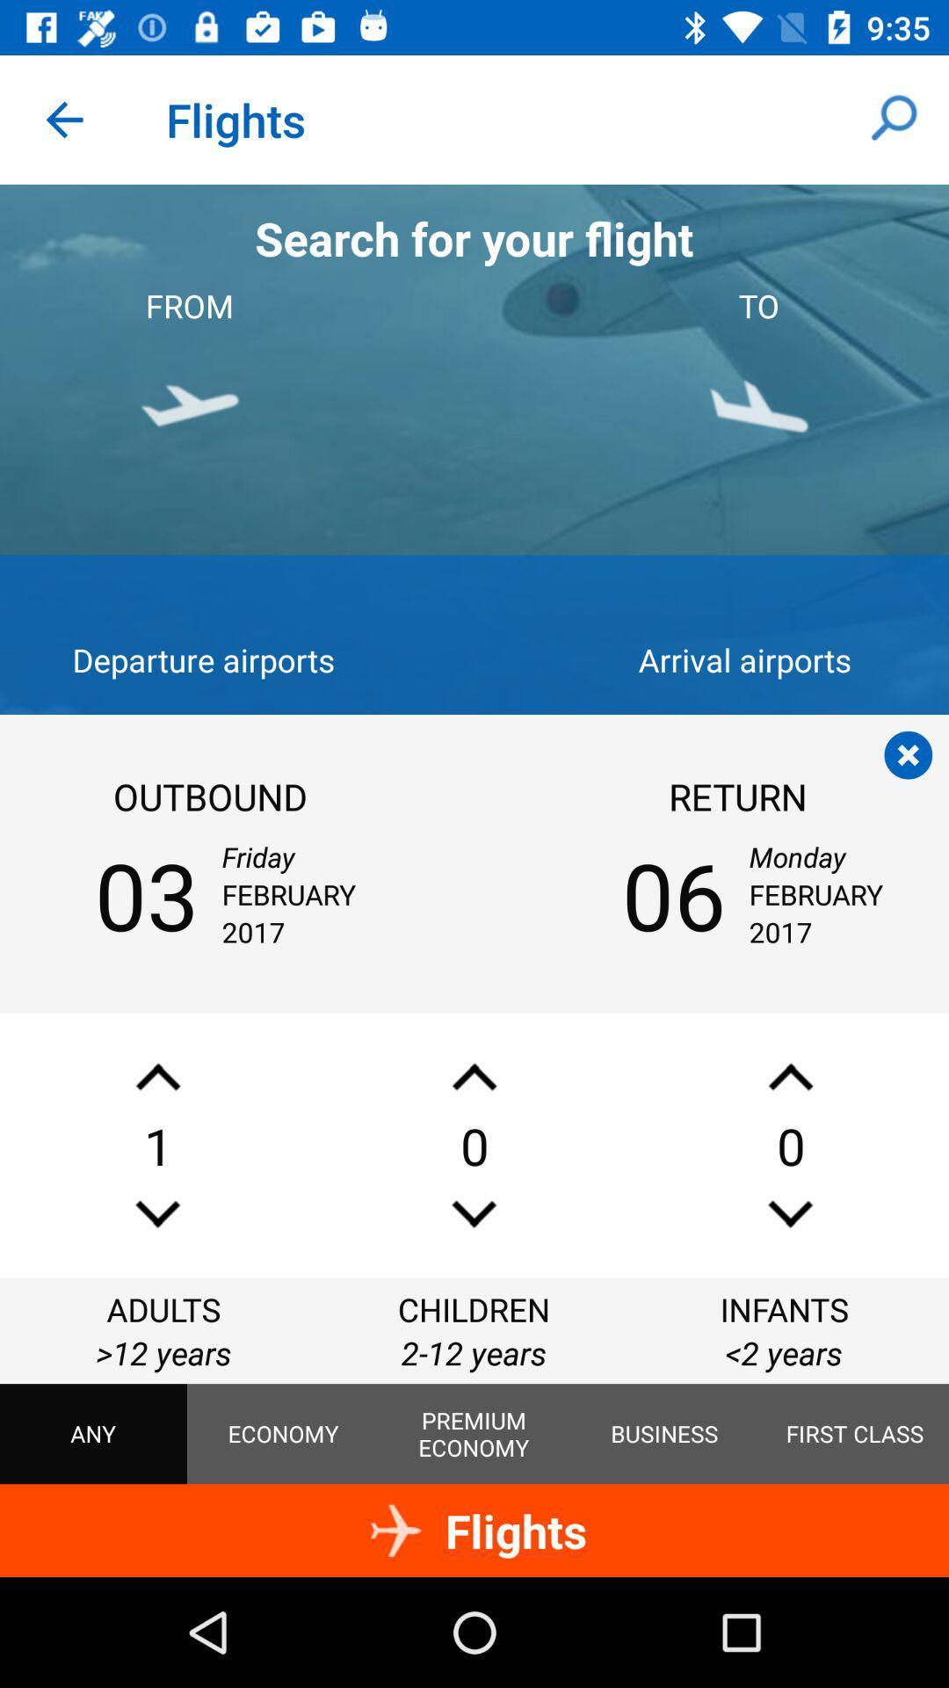 The image size is (949, 1688). I want to click on remove the number of children, so click(474, 1213).